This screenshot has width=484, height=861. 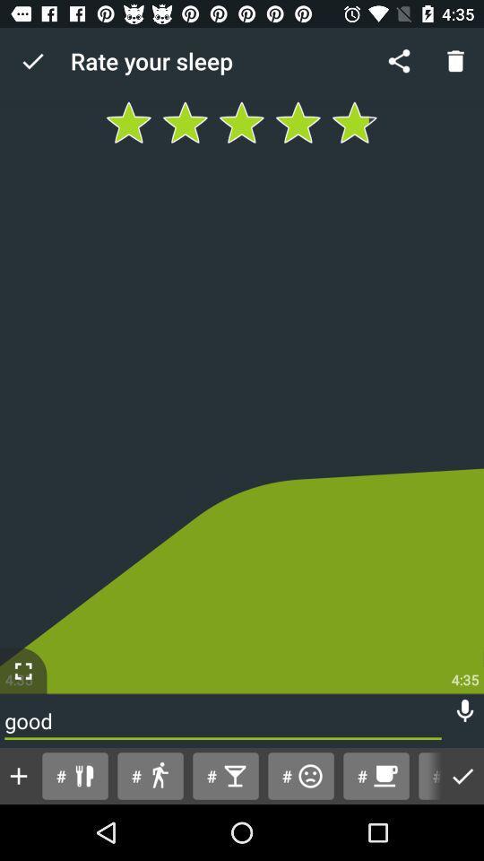 I want to click on item below the good, so click(x=18, y=775).